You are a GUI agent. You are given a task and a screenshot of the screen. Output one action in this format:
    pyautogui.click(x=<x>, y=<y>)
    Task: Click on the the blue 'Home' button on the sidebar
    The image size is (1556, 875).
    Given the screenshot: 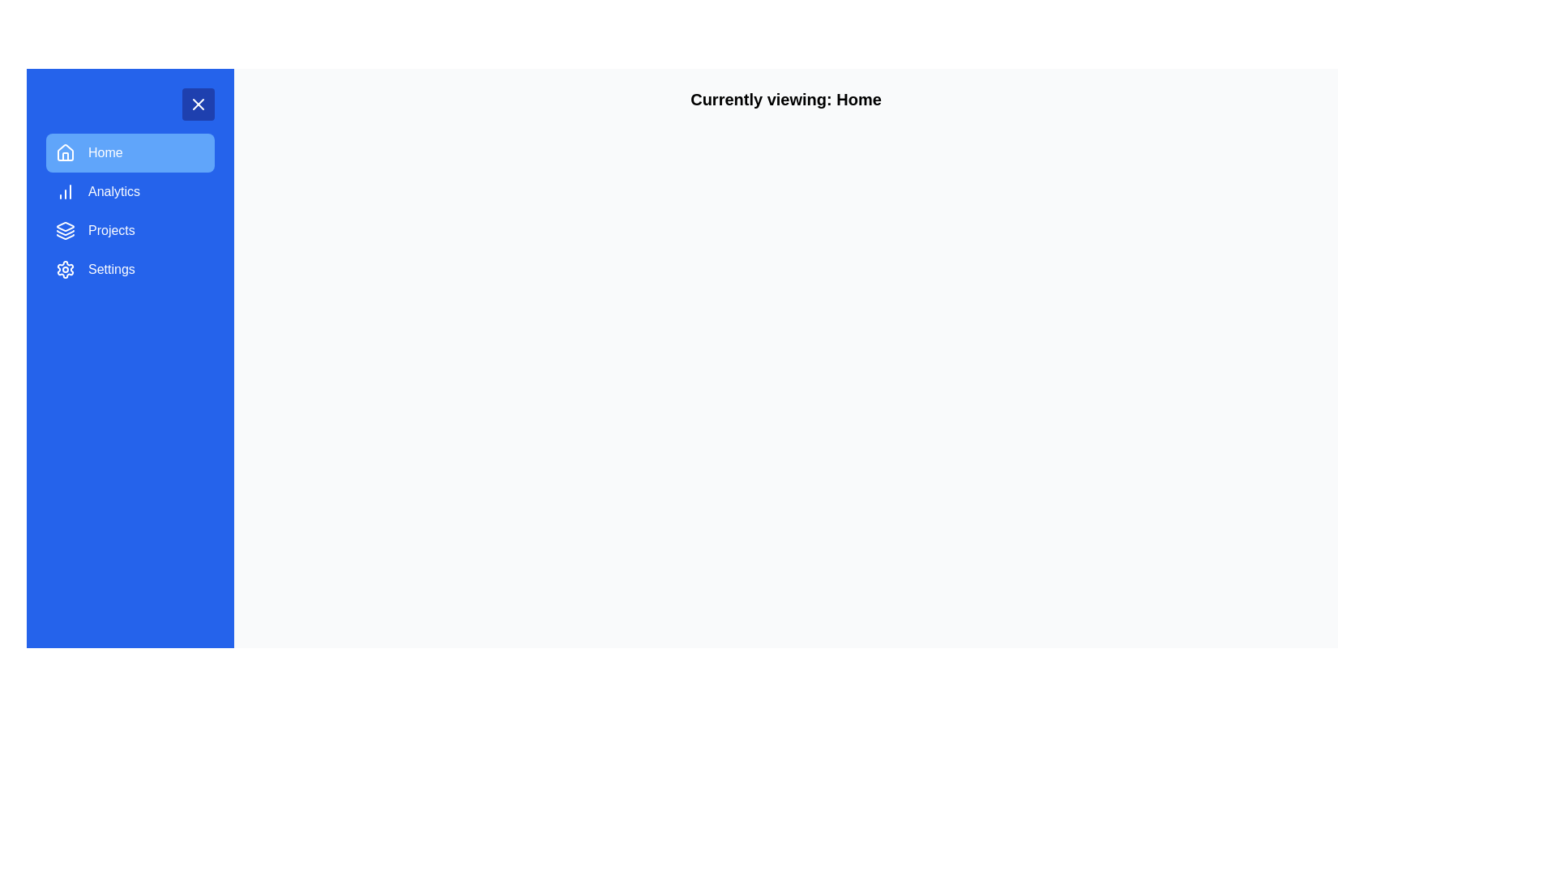 What is the action you would take?
    pyautogui.click(x=130, y=153)
    